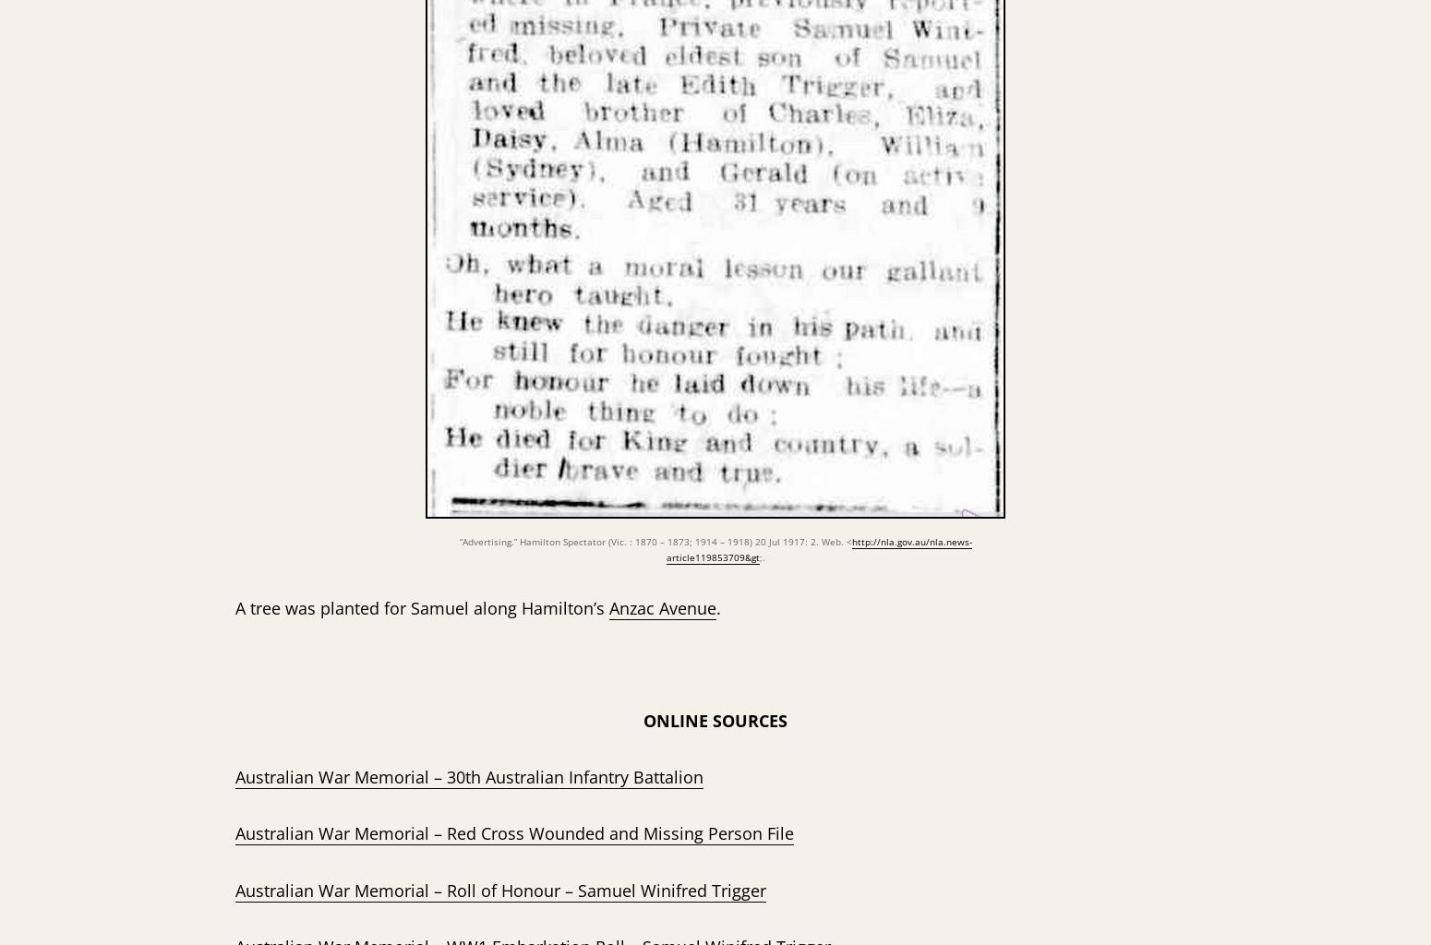 This screenshot has width=1431, height=945. What do you see at coordinates (514, 831) in the screenshot?
I see `'Australian War Memorial – Red Cross Wounded and Missing Person File'` at bounding box center [514, 831].